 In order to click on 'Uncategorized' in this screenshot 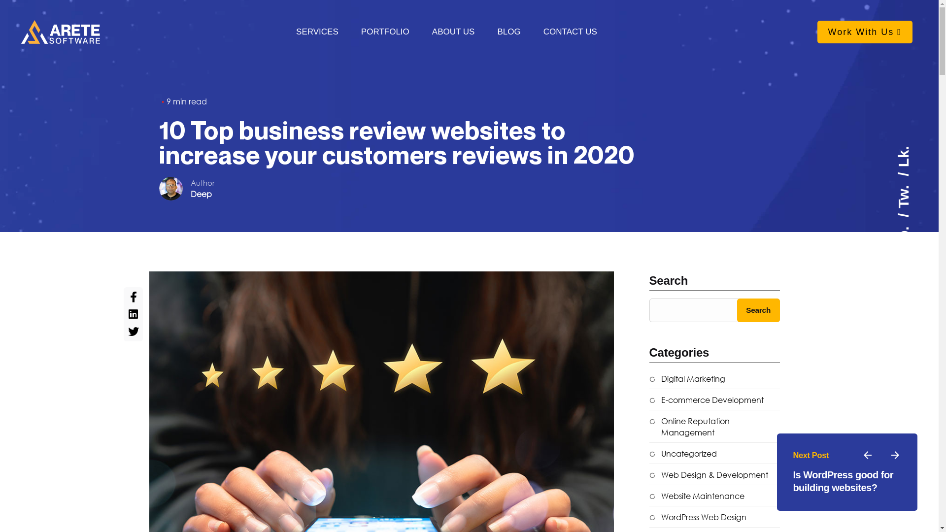, I will do `click(682, 454)`.